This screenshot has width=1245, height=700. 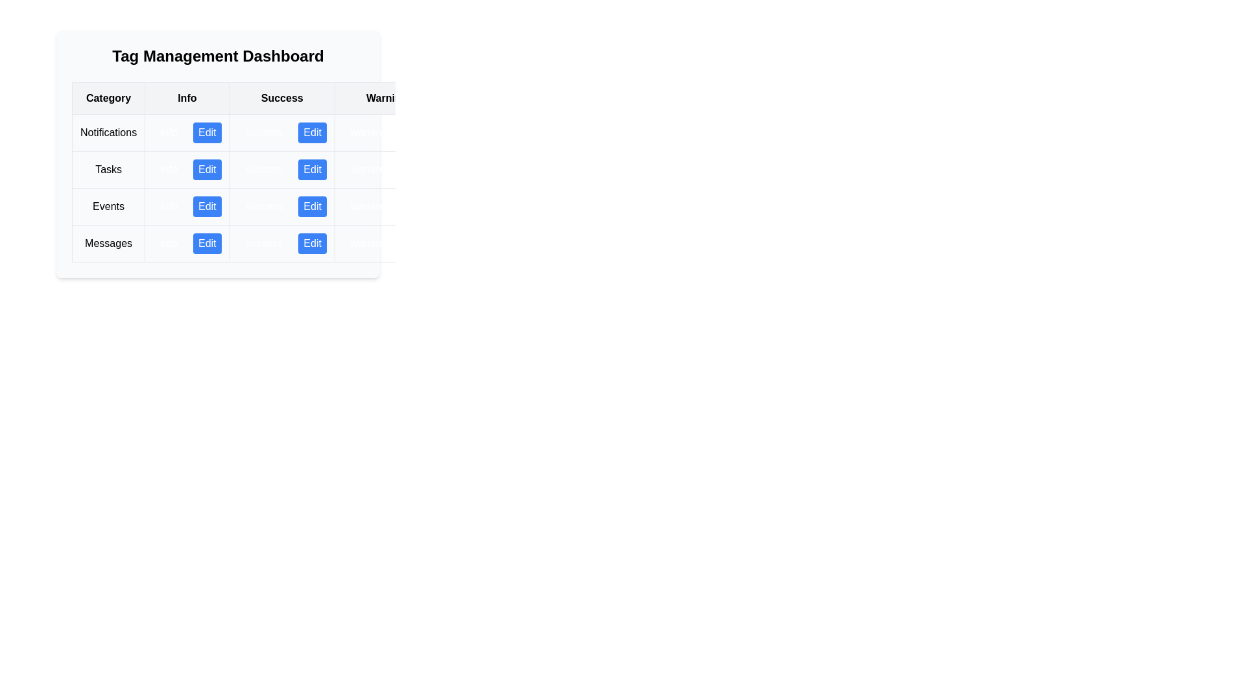 What do you see at coordinates (300, 172) in the screenshot?
I see `the bright blue 'Edit' button with rounded corners located in the 'Success' column of the 'Tasks' row within the grid-based interface` at bounding box center [300, 172].